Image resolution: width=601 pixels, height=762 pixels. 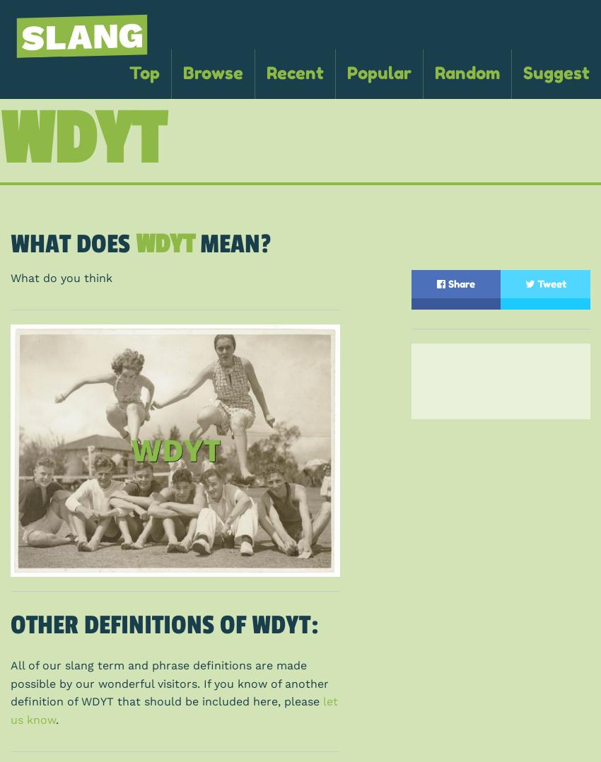 I want to click on 'Recent', so click(x=295, y=72).